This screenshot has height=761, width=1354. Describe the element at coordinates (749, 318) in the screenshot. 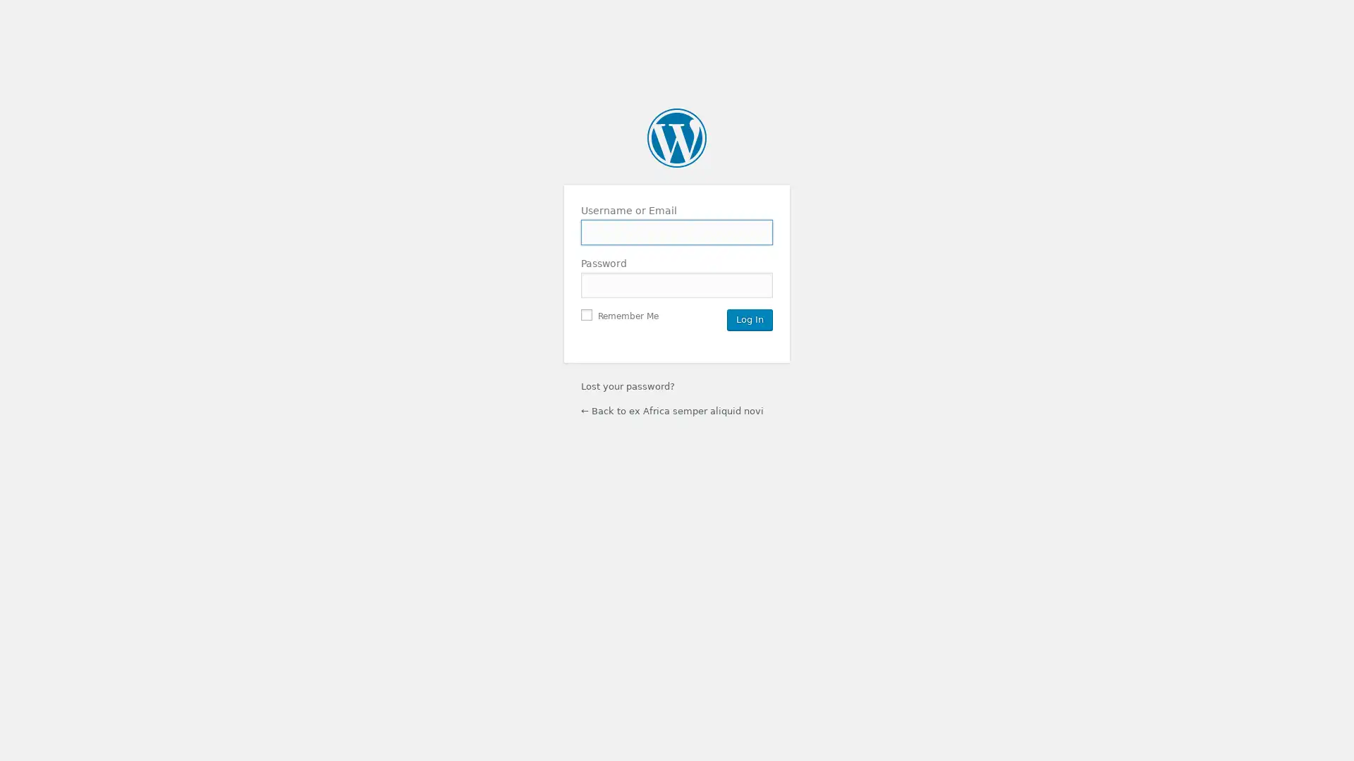

I see `Log In` at that location.